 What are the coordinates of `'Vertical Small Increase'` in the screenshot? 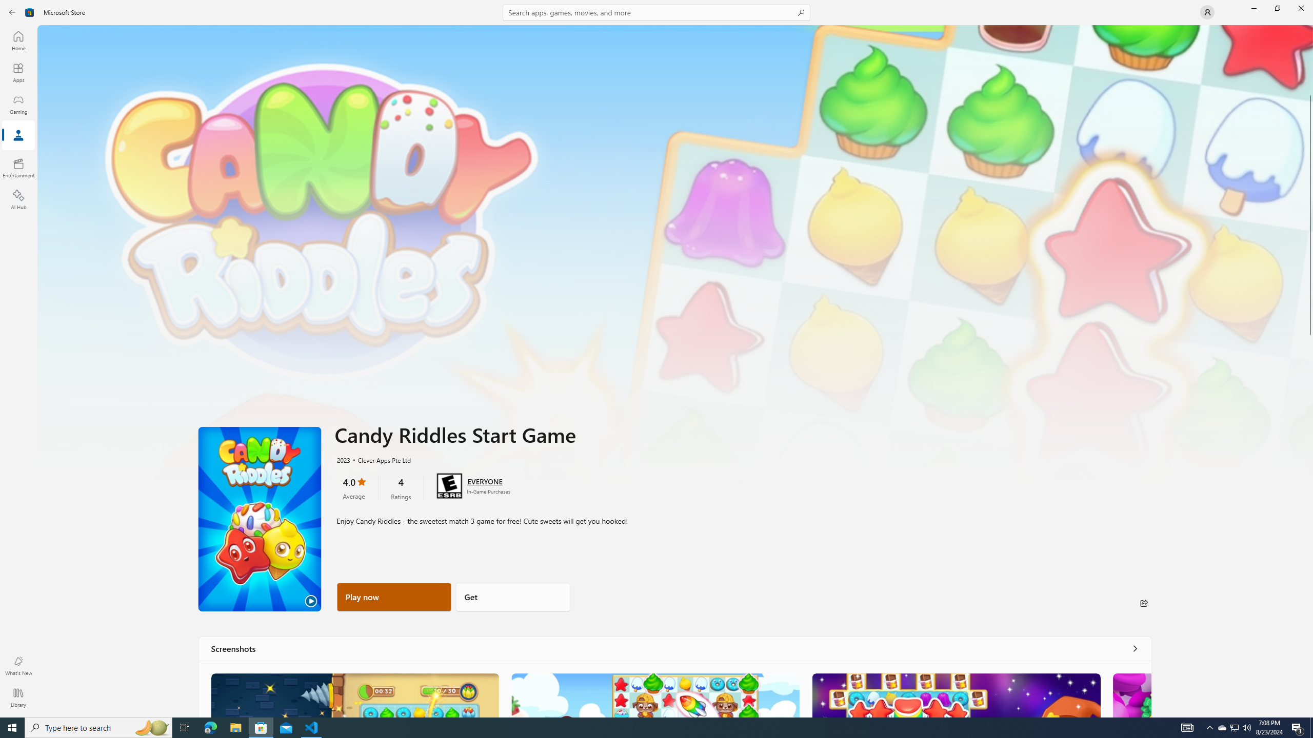 It's located at (1309, 714).